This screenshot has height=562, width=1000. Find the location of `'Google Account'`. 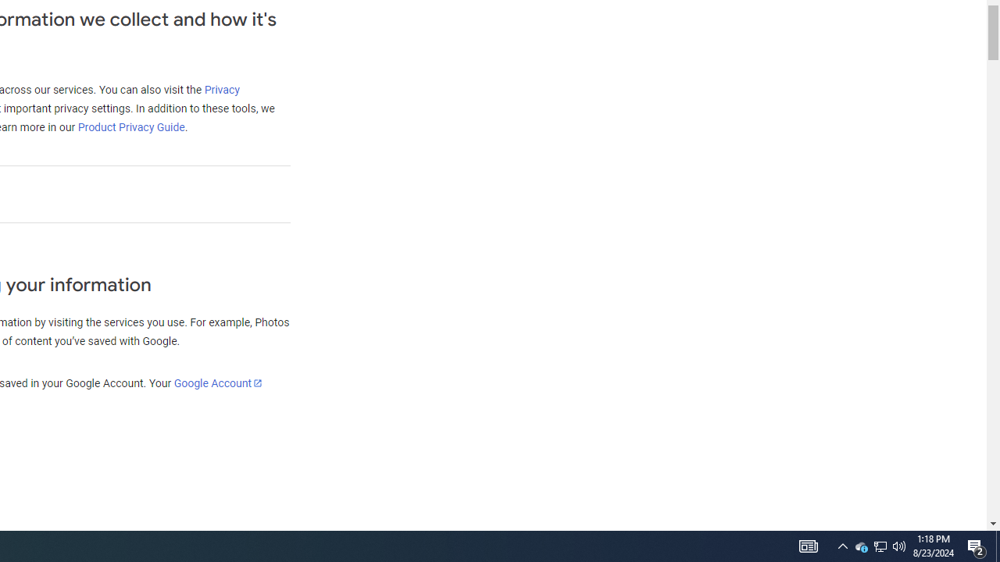

'Google Account' is located at coordinates (217, 382).